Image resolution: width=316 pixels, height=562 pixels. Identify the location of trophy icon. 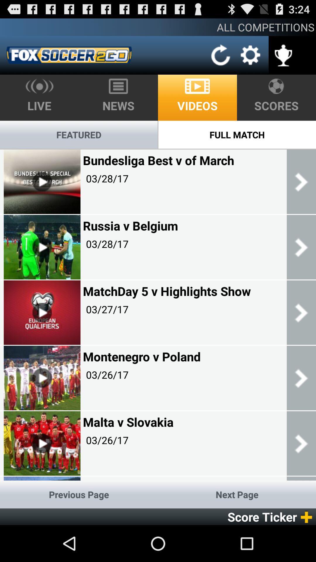
(283, 52).